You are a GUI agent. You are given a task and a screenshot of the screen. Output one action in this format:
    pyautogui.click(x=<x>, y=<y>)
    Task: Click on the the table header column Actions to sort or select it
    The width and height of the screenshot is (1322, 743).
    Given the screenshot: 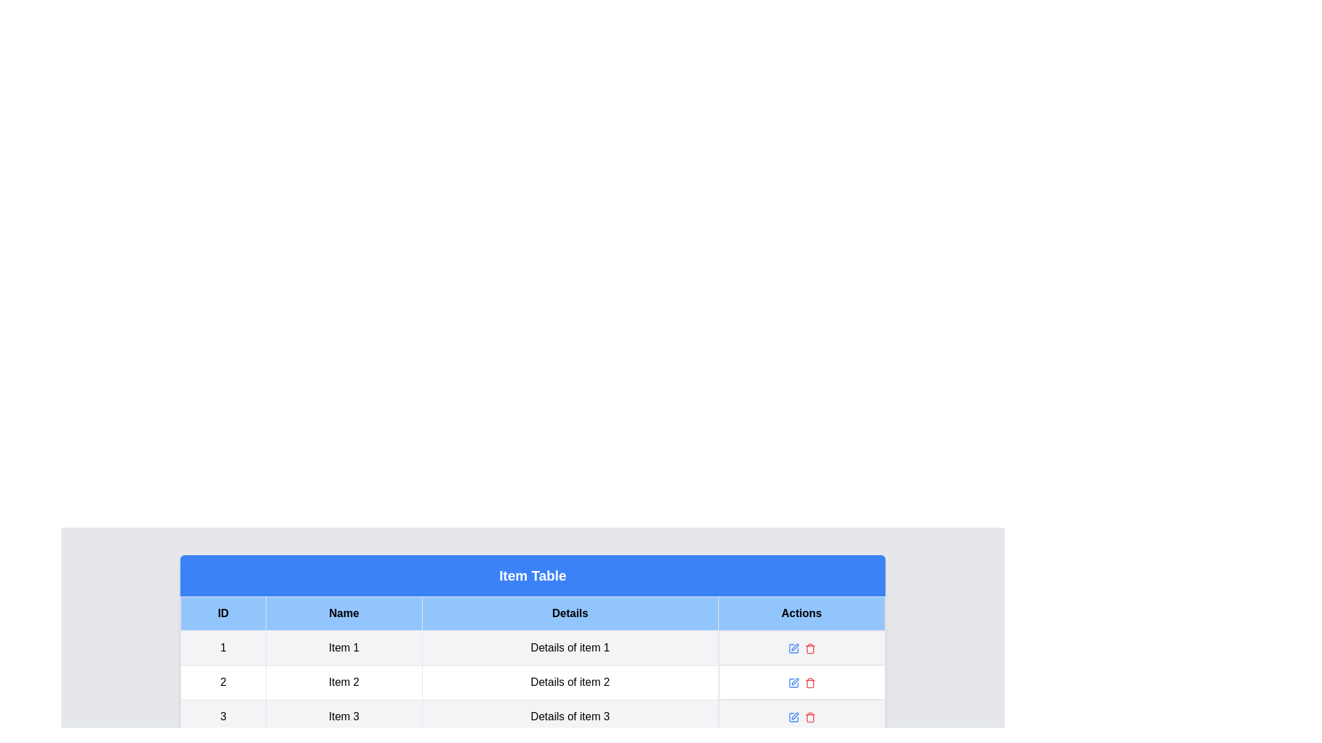 What is the action you would take?
    pyautogui.click(x=801, y=612)
    